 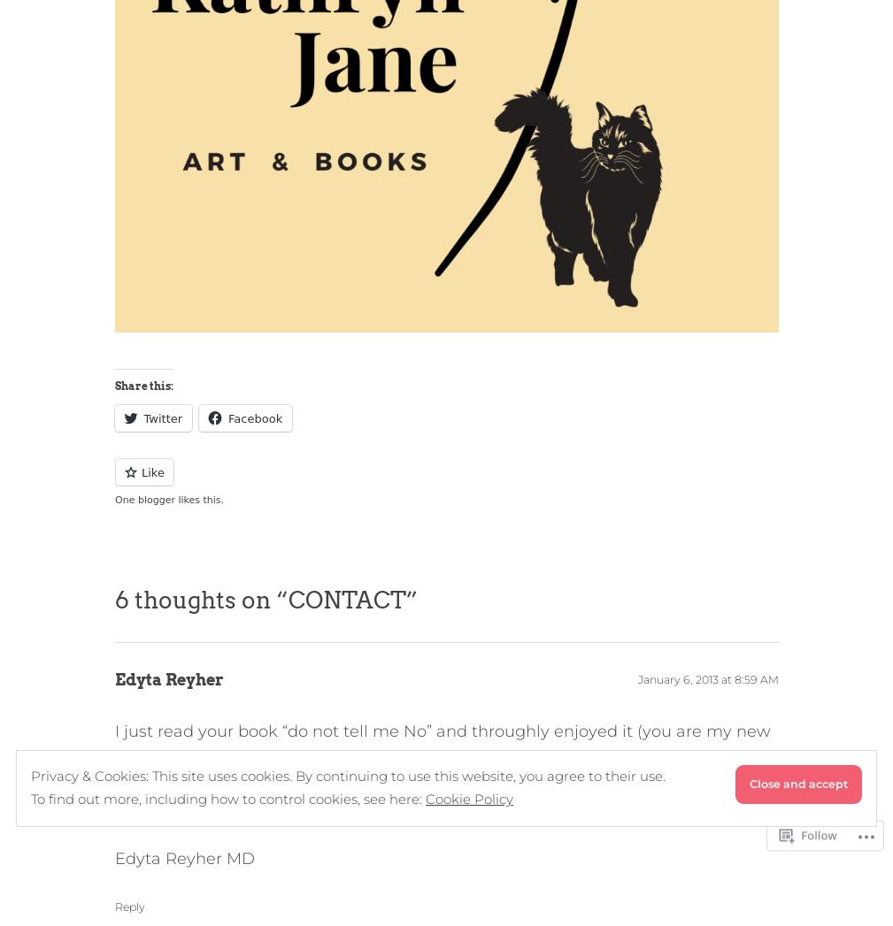 What do you see at coordinates (128, 906) in the screenshot?
I see `'Reply'` at bounding box center [128, 906].